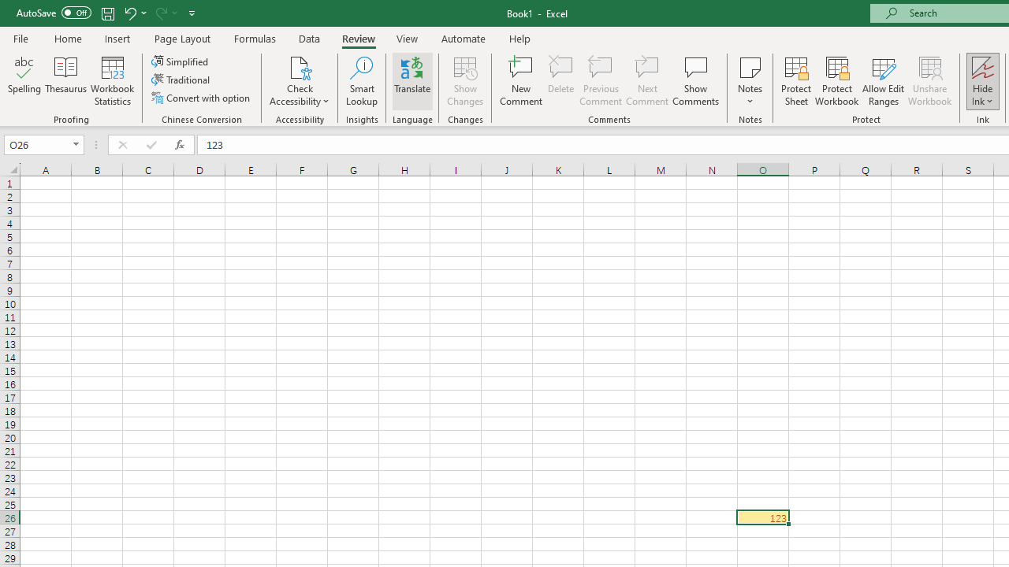 The image size is (1009, 567). Describe the element at coordinates (181, 61) in the screenshot. I see `'Simplified'` at that location.